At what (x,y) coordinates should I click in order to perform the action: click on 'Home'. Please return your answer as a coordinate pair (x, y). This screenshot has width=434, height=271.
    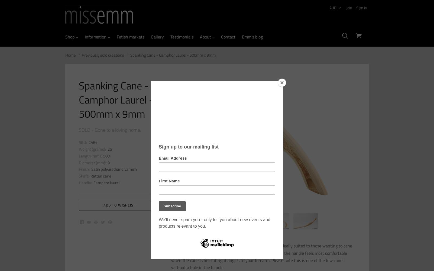
    Looking at the image, I should click on (70, 54).